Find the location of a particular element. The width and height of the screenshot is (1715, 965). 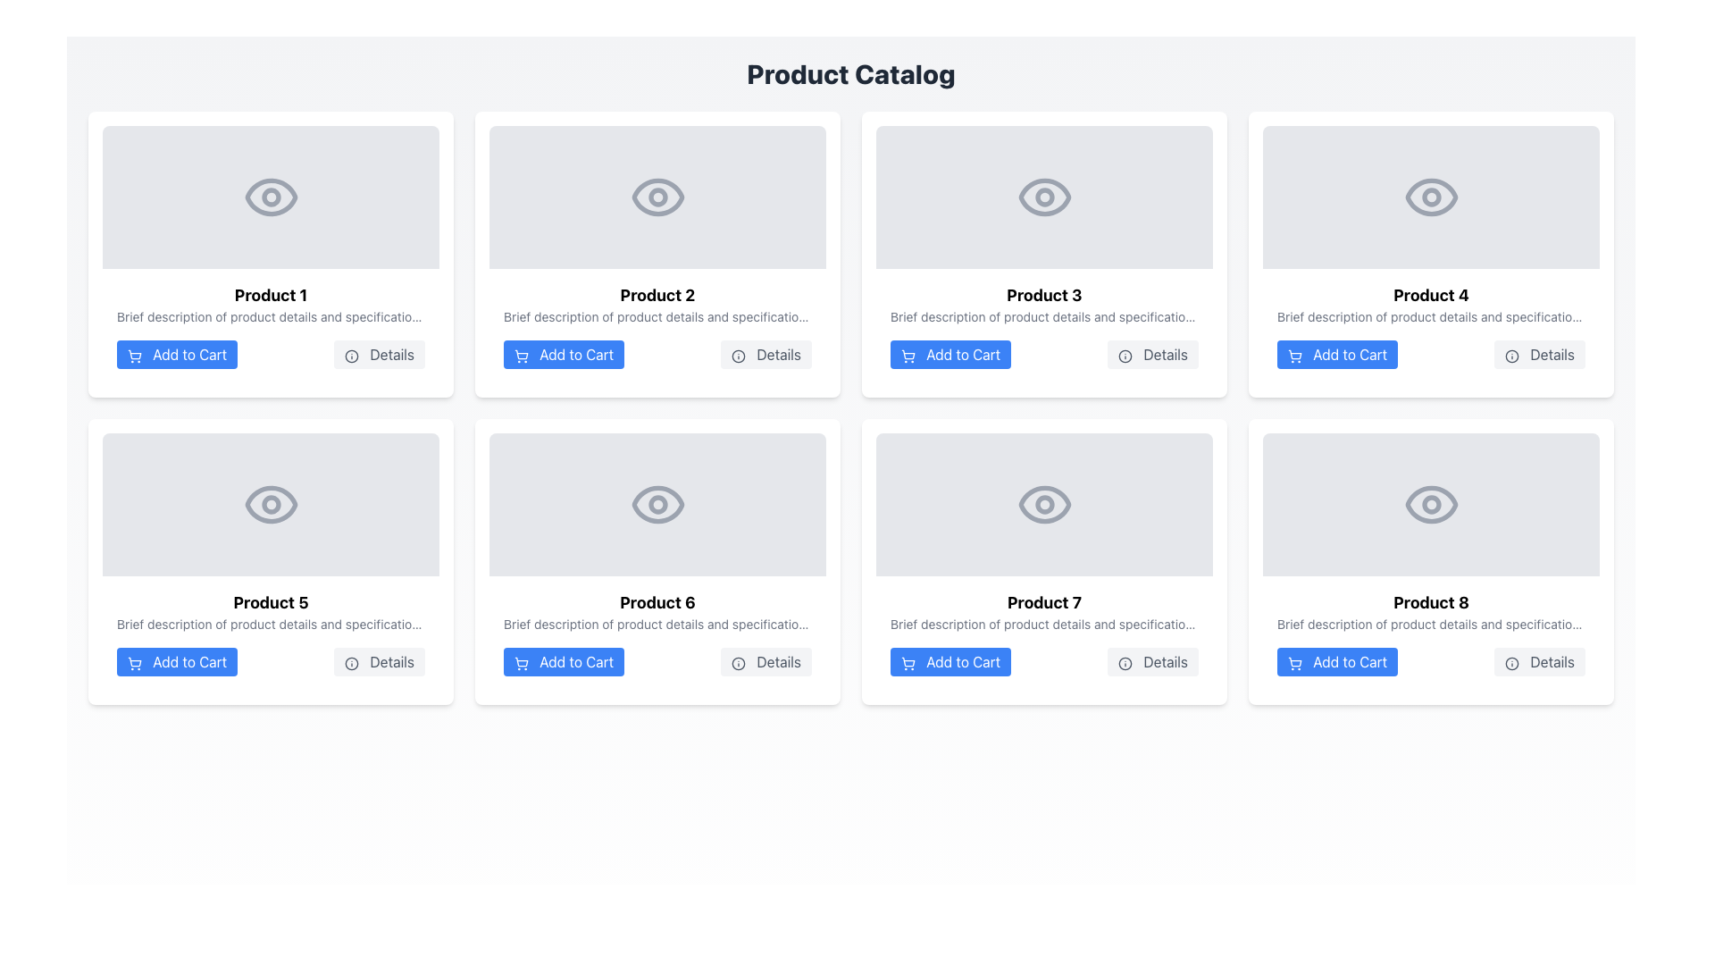

the observation icon located in the header section of the card labeled 'Product 3', which is centered within the gray background rectangle is located at coordinates (1044, 197).